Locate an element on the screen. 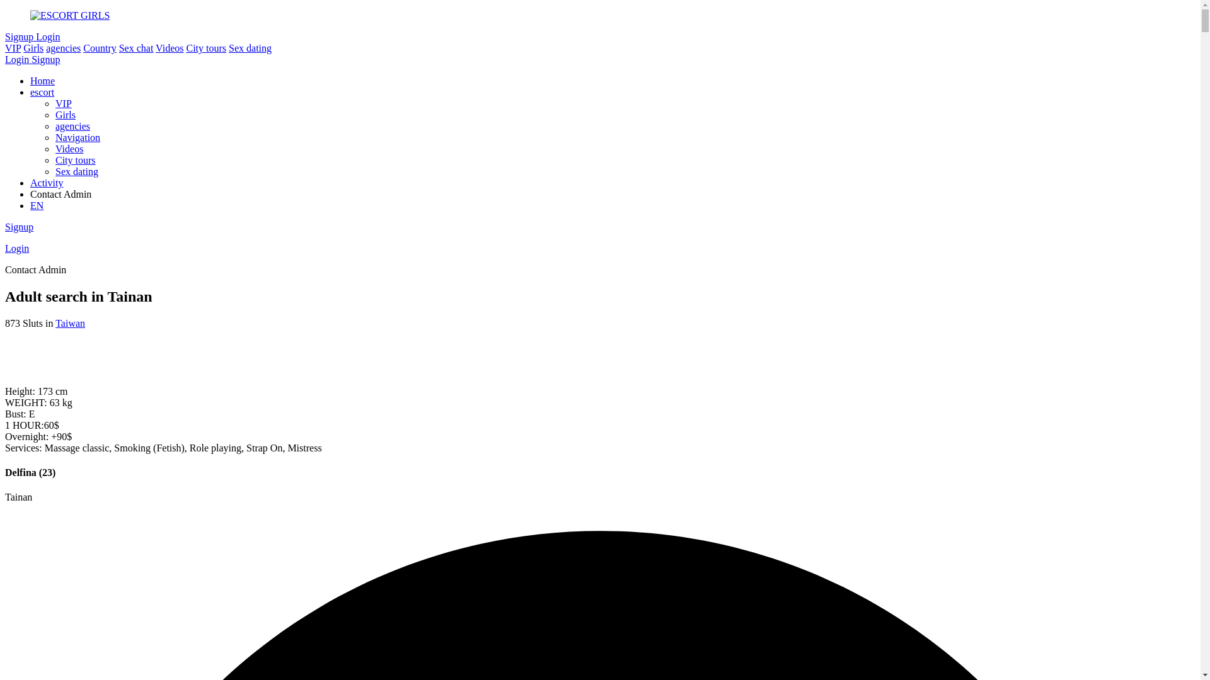  'Home' is located at coordinates (42, 81).